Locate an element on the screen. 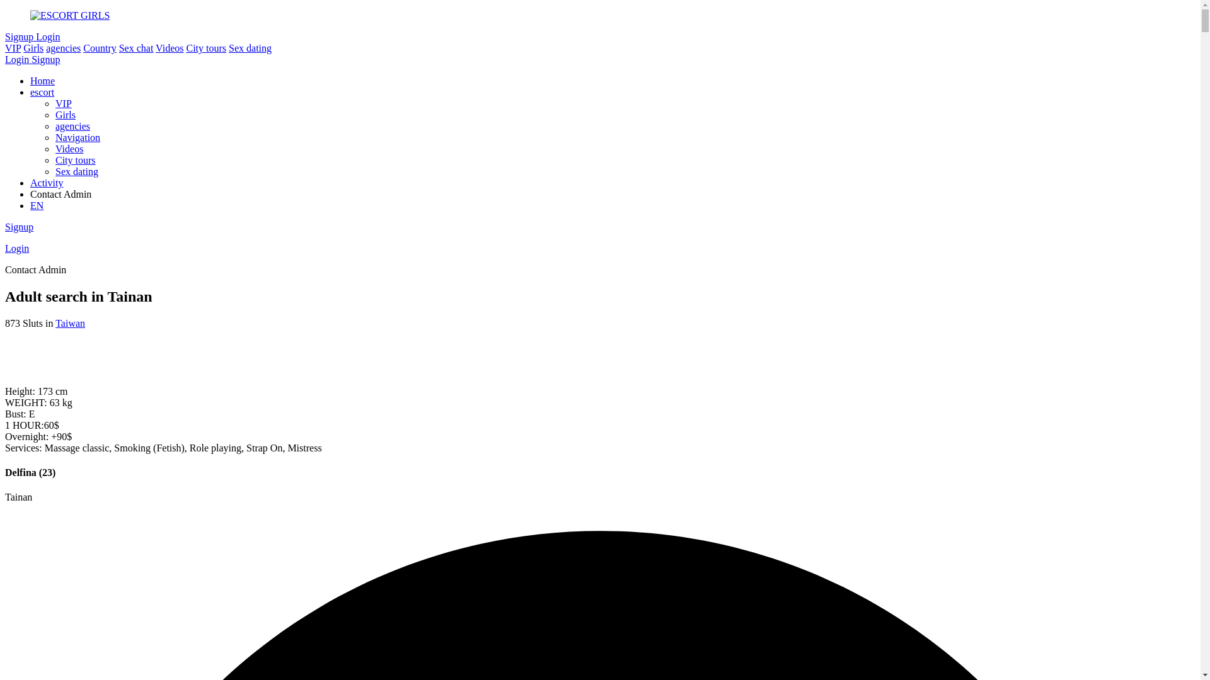  'Home' is located at coordinates (42, 81).